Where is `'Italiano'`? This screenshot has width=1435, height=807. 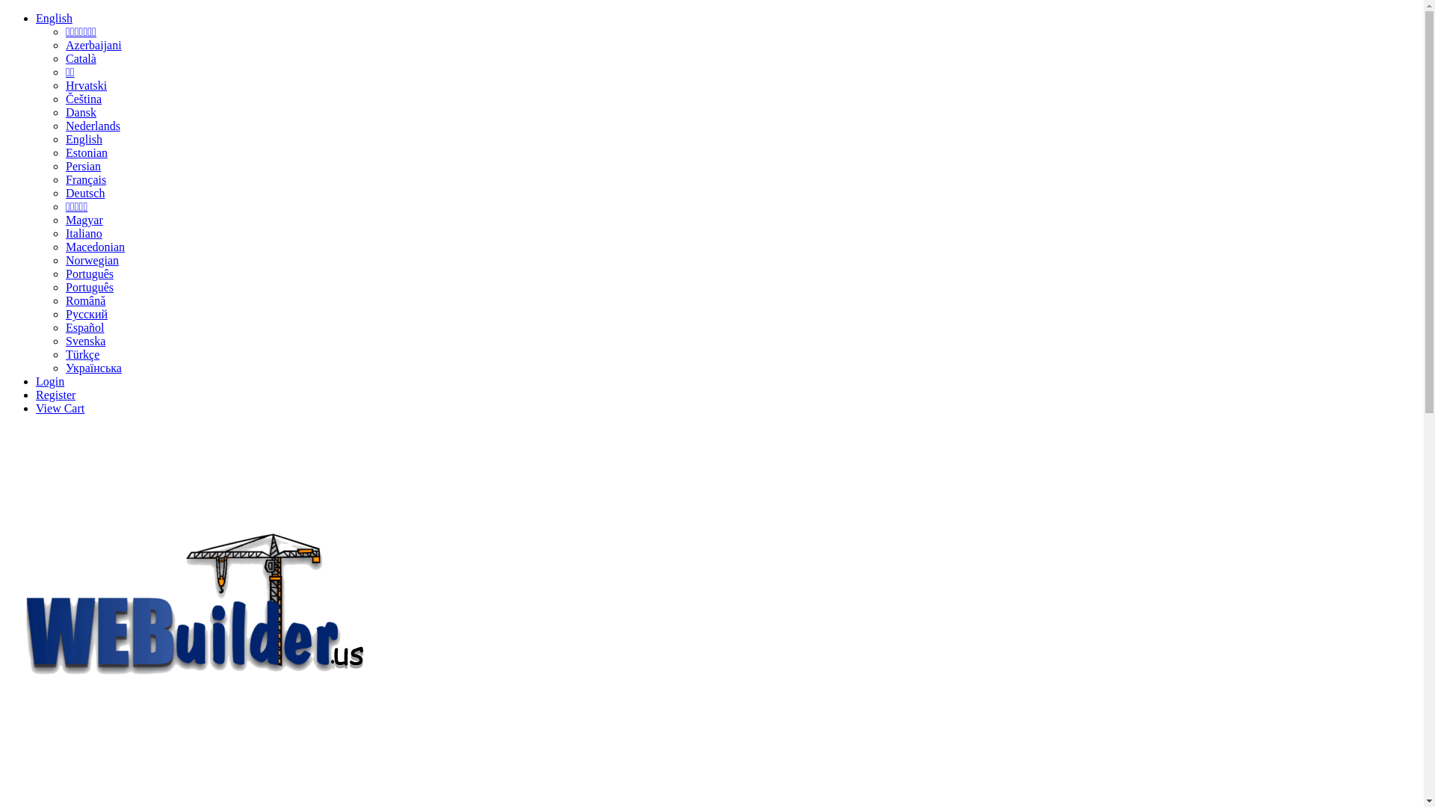
'Italiano' is located at coordinates (83, 233).